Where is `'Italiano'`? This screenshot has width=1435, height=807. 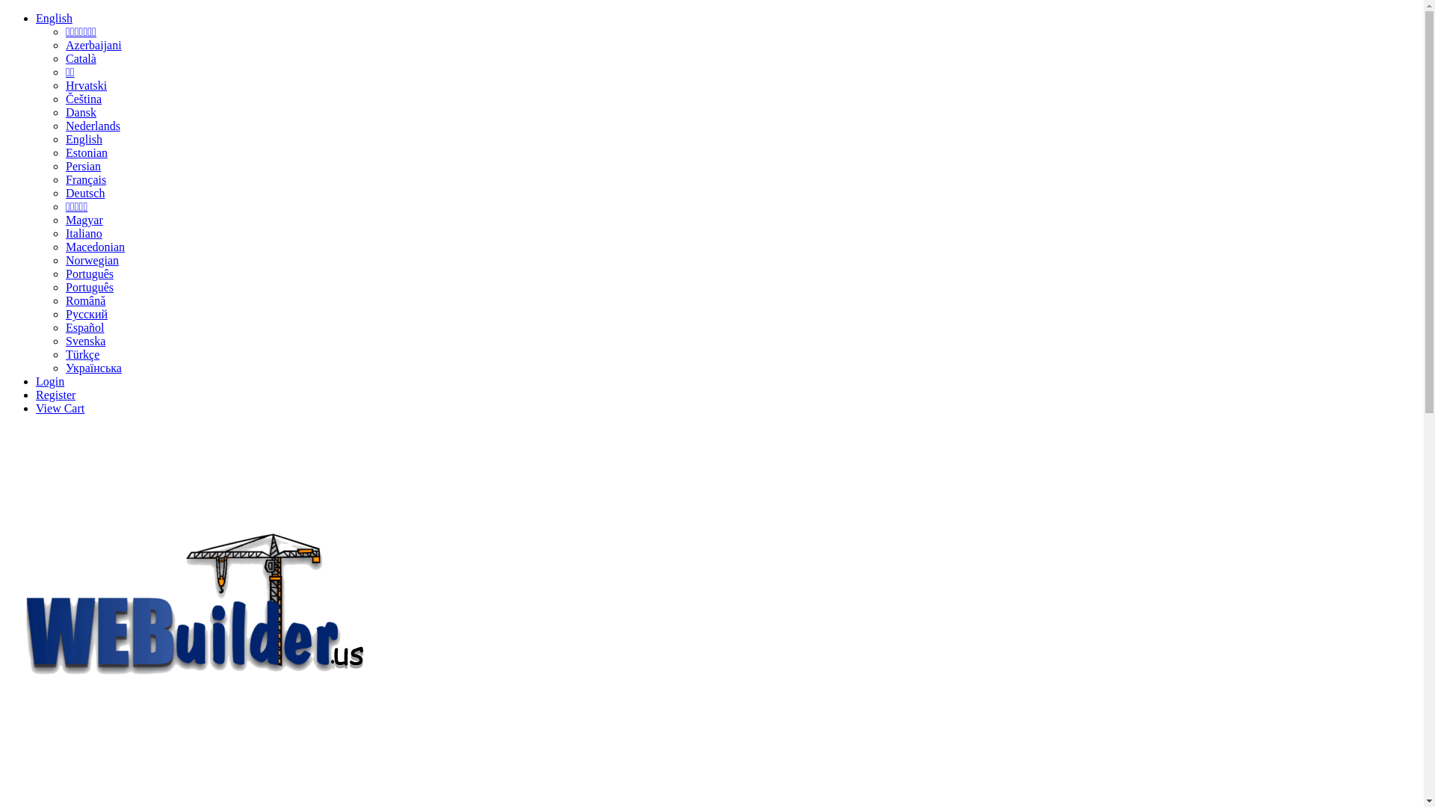
'Italiano' is located at coordinates (83, 233).